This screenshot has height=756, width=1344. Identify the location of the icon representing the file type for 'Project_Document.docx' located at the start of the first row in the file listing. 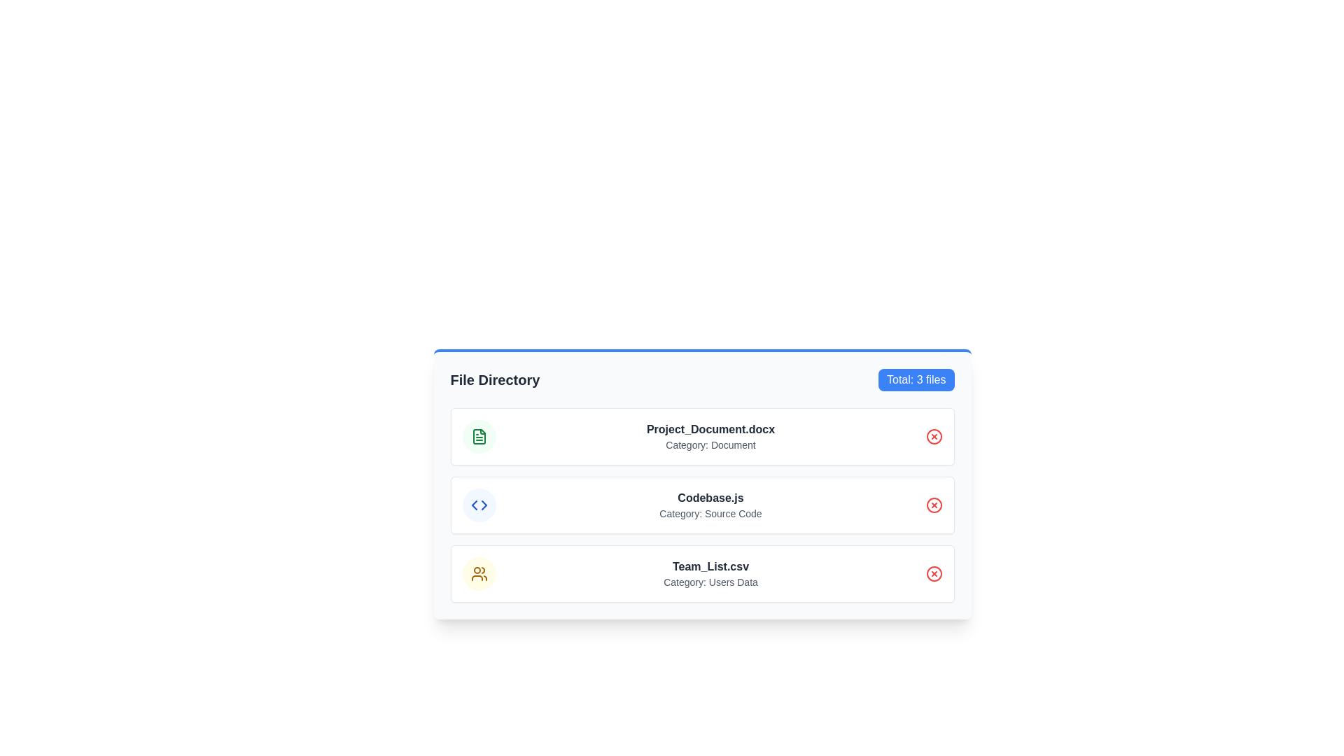
(479, 436).